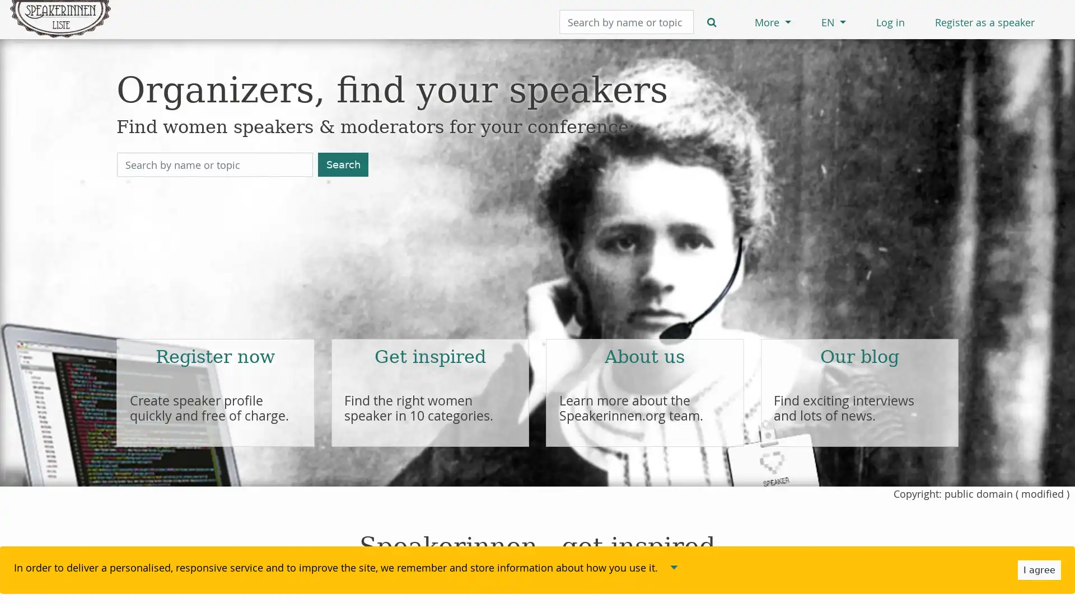  I want to click on Search, so click(343, 164).